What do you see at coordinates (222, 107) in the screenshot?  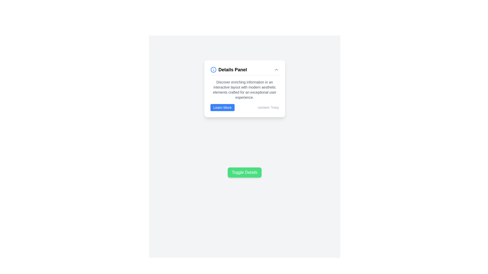 I see `the button located in the bottom-left corner of the 'Details Panel'` at bounding box center [222, 107].